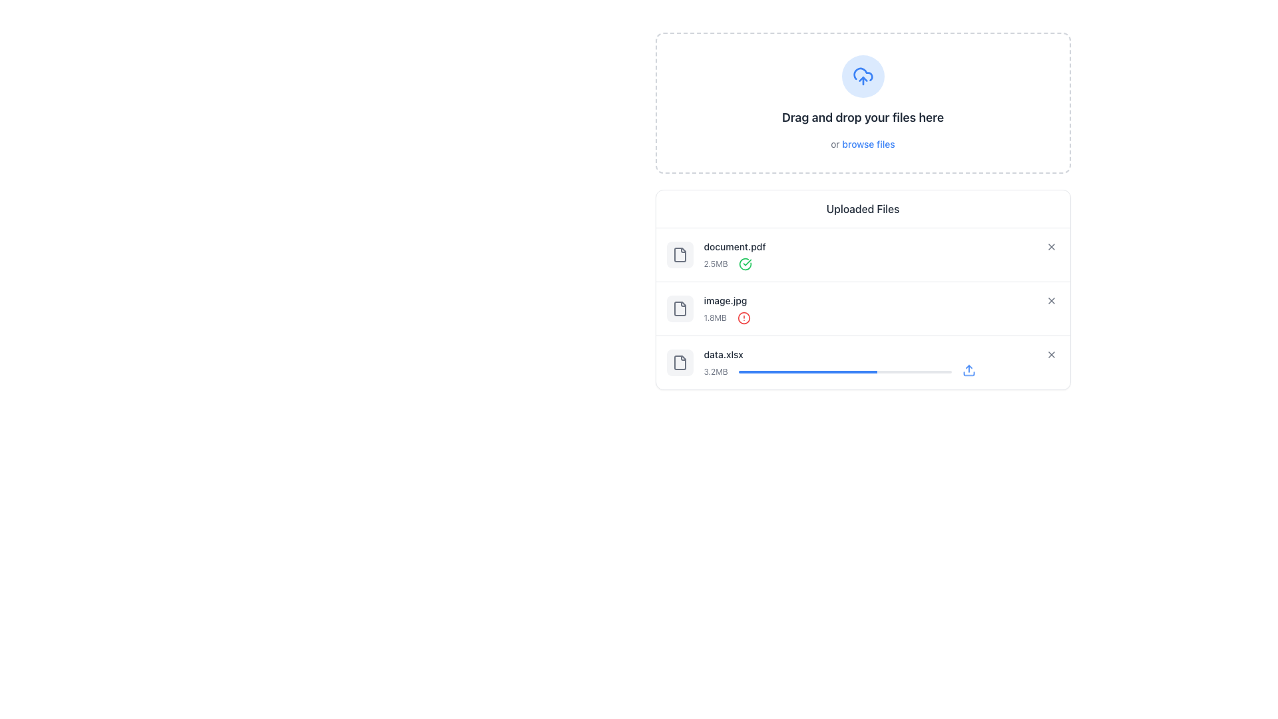 Image resolution: width=1278 pixels, height=719 pixels. Describe the element at coordinates (844, 372) in the screenshot. I see `the progress status of the horizontal progress bar associated with the file 'data.xlsx', which is located below the size indicator '3.2MB' and above a blue upload icon` at that location.